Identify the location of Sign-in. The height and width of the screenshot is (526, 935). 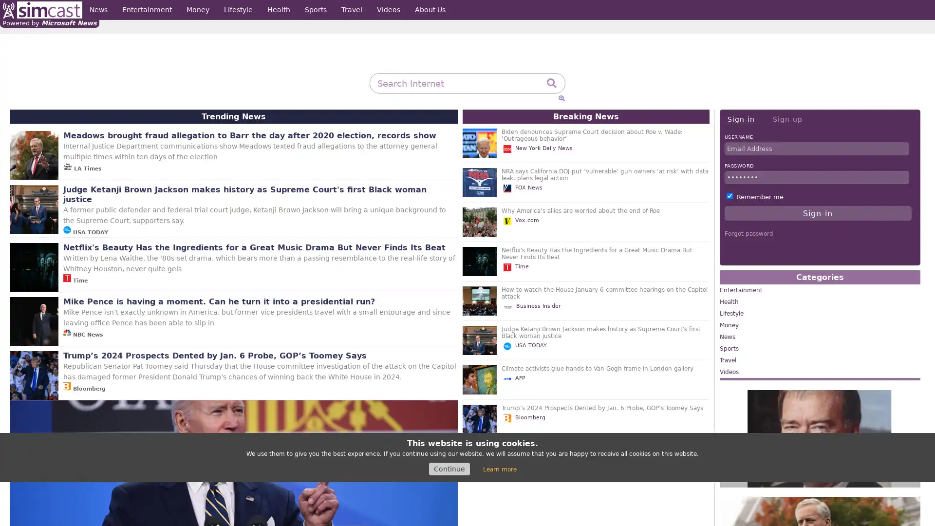
(818, 213).